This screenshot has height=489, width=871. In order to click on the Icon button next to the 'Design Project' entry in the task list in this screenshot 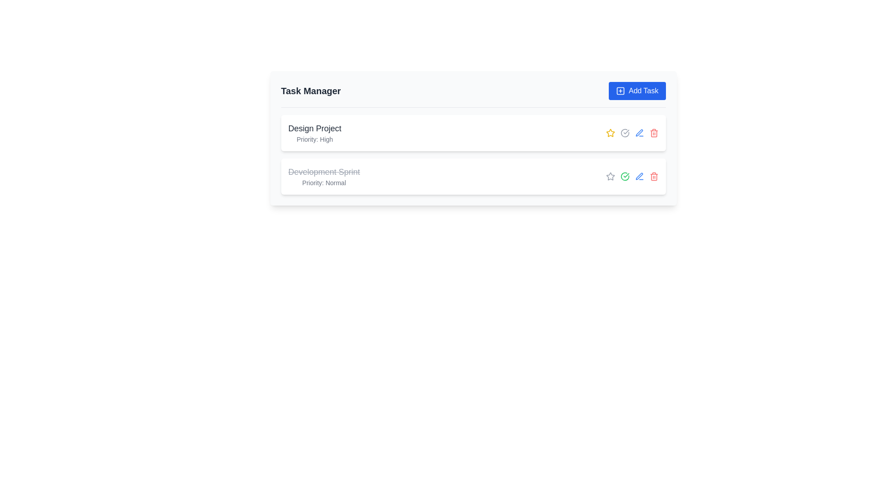, I will do `click(610, 176)`.